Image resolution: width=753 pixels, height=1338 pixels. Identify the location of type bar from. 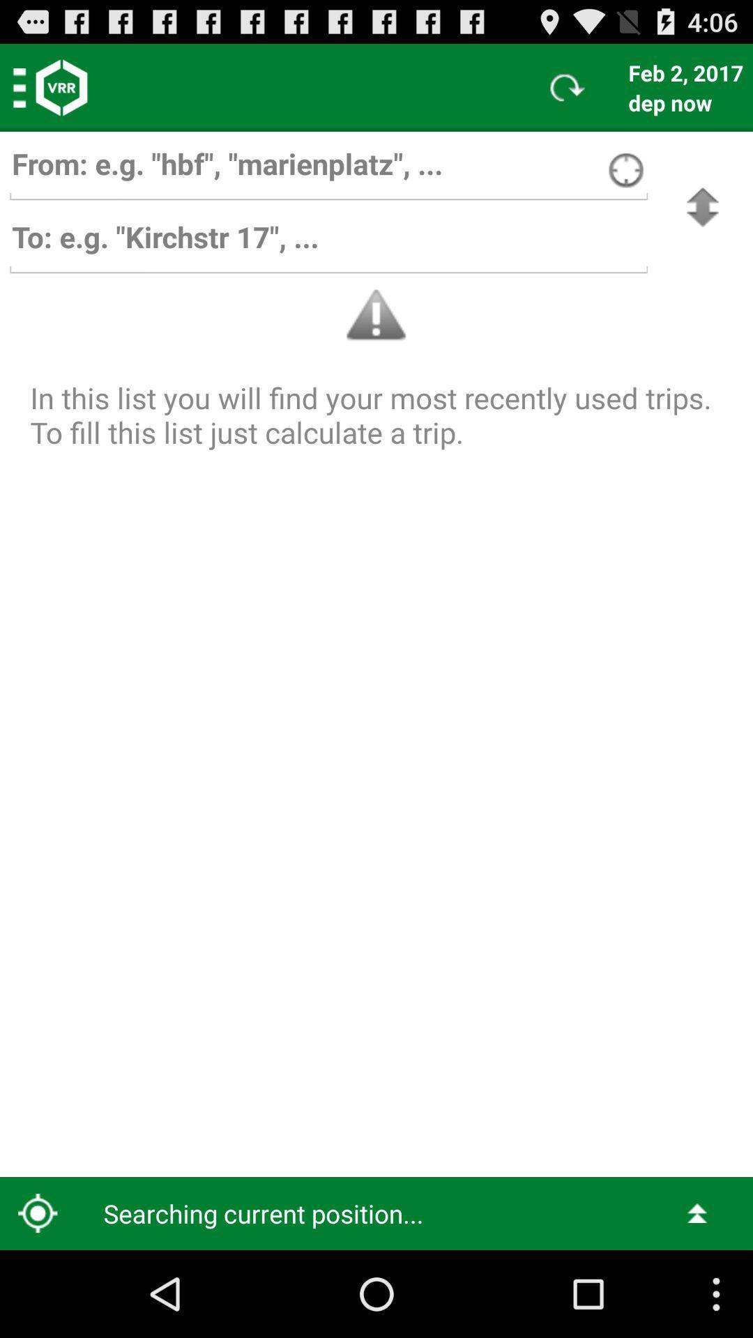
(328, 170).